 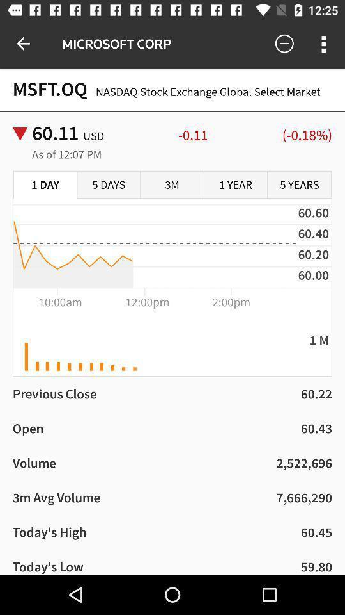 What do you see at coordinates (235, 184) in the screenshot?
I see `the item to the right of the 3m` at bounding box center [235, 184].